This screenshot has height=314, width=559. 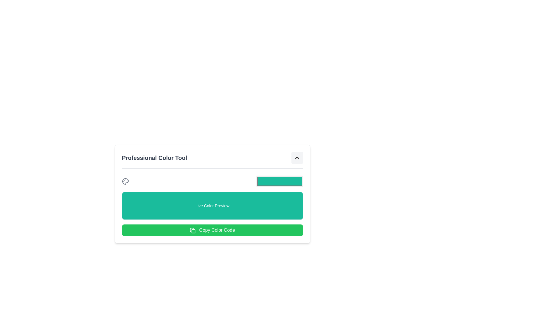 I want to click on the 'Copy Color Code' button, which contains a small icon resembling two overlapping rectangles, located at the bottom of the interface, so click(x=192, y=230).